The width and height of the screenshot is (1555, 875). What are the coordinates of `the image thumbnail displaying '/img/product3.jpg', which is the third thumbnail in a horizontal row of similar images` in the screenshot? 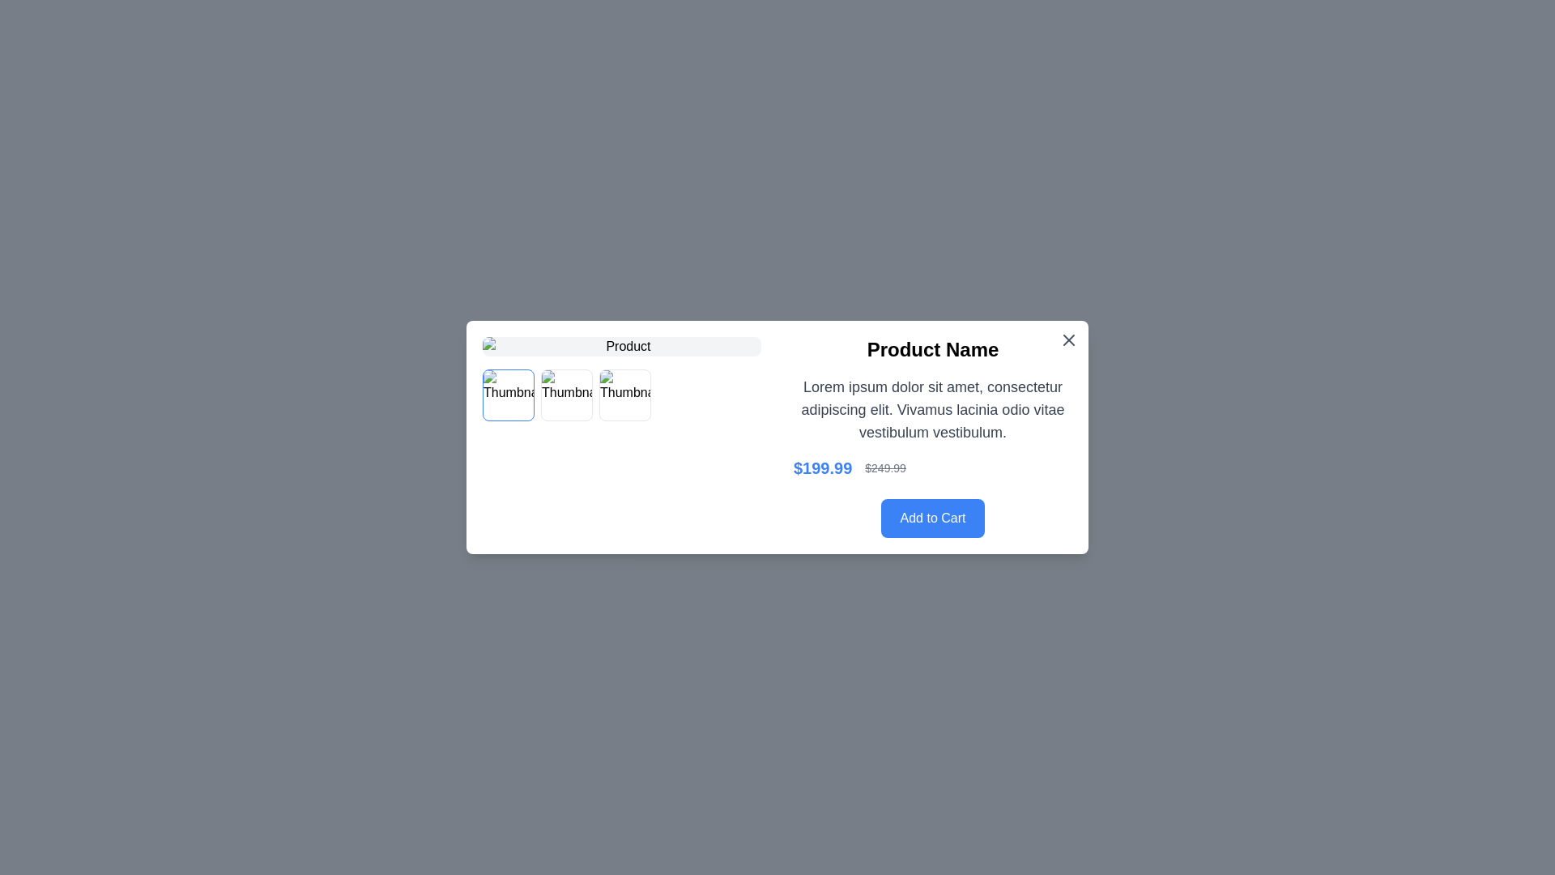 It's located at (624, 395).